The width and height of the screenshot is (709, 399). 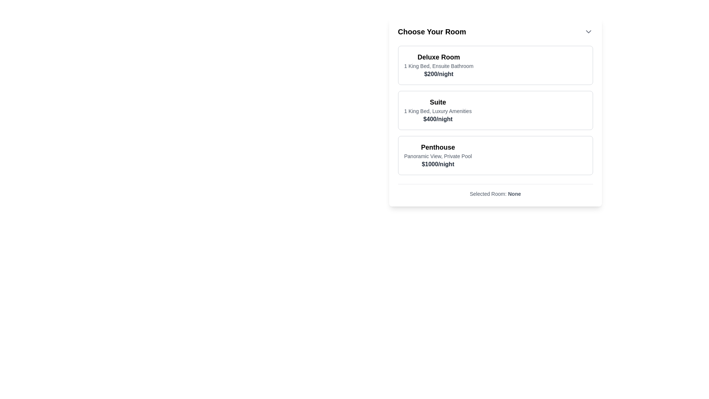 What do you see at coordinates (439, 65) in the screenshot?
I see `the text label that displays '1 King Bed, Ensuite Bathroom', which is located directly below the title 'Deluxe Room' and above the pricing information '$200/night'` at bounding box center [439, 65].